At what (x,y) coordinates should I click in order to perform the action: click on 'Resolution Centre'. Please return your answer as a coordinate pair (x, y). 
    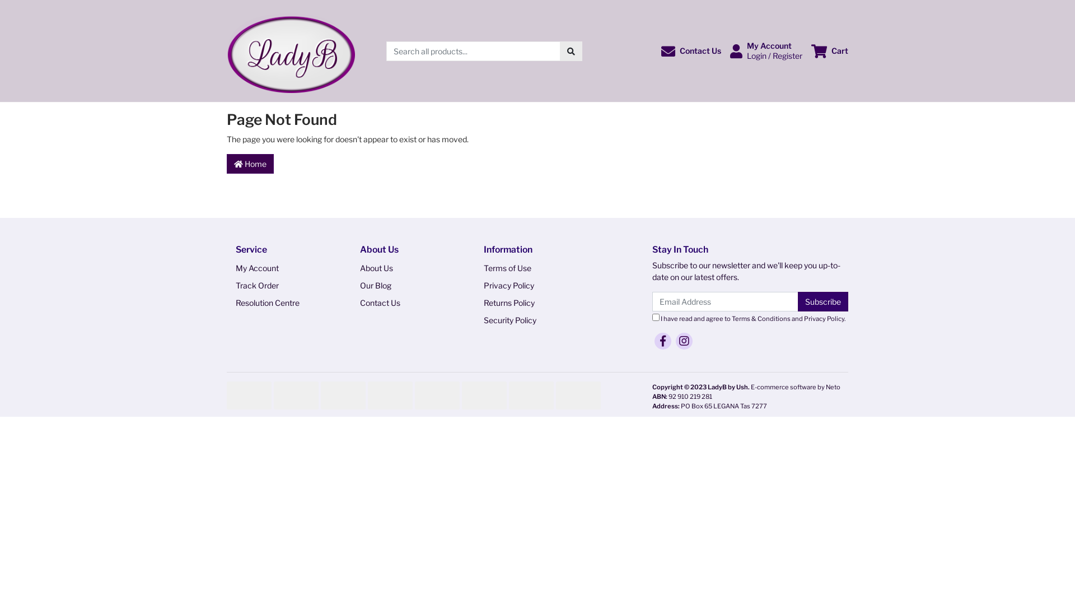
    Looking at the image, I should click on (280, 302).